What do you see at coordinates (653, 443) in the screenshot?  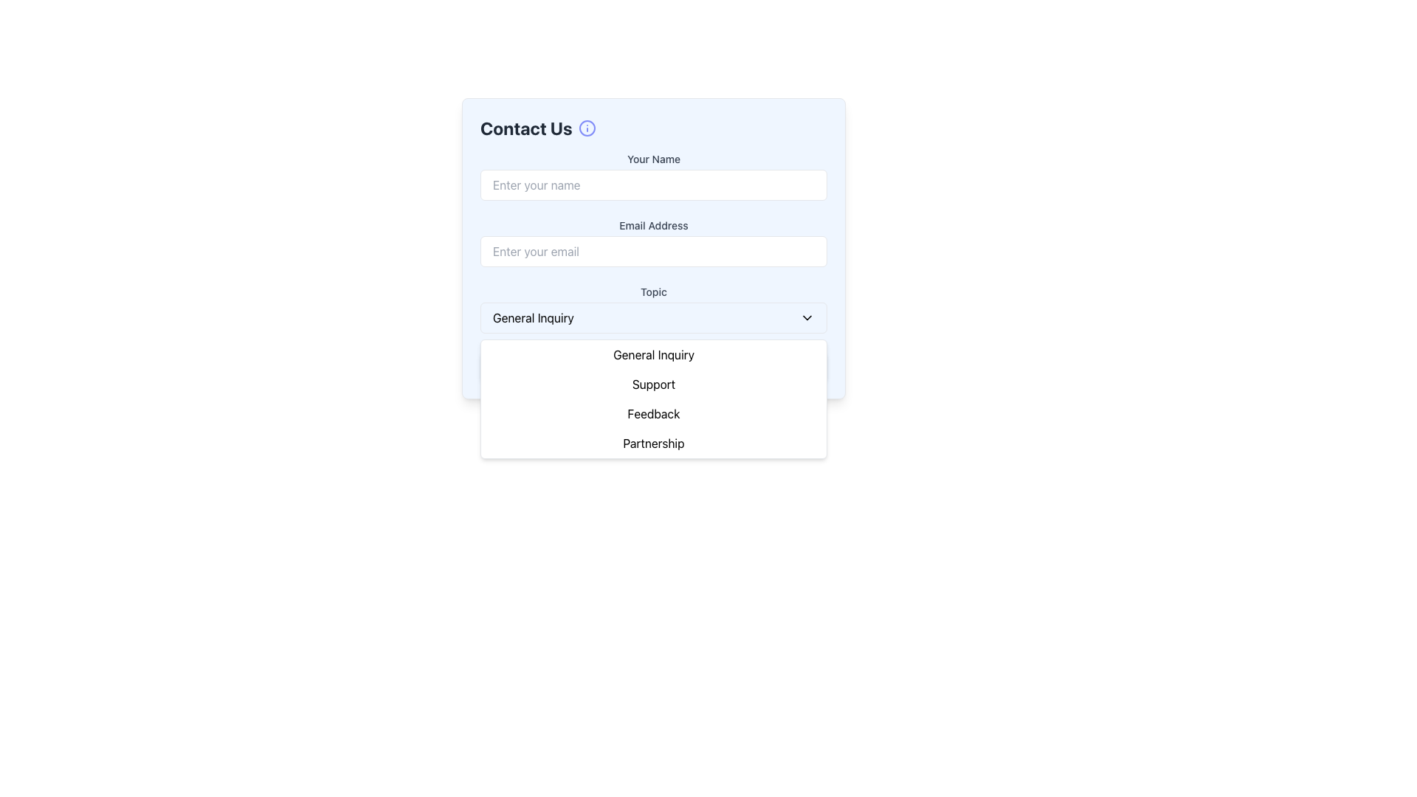 I see `the text item reading 'Partnership' in the dropdown menu to trigger the light indigo hover effect` at bounding box center [653, 443].